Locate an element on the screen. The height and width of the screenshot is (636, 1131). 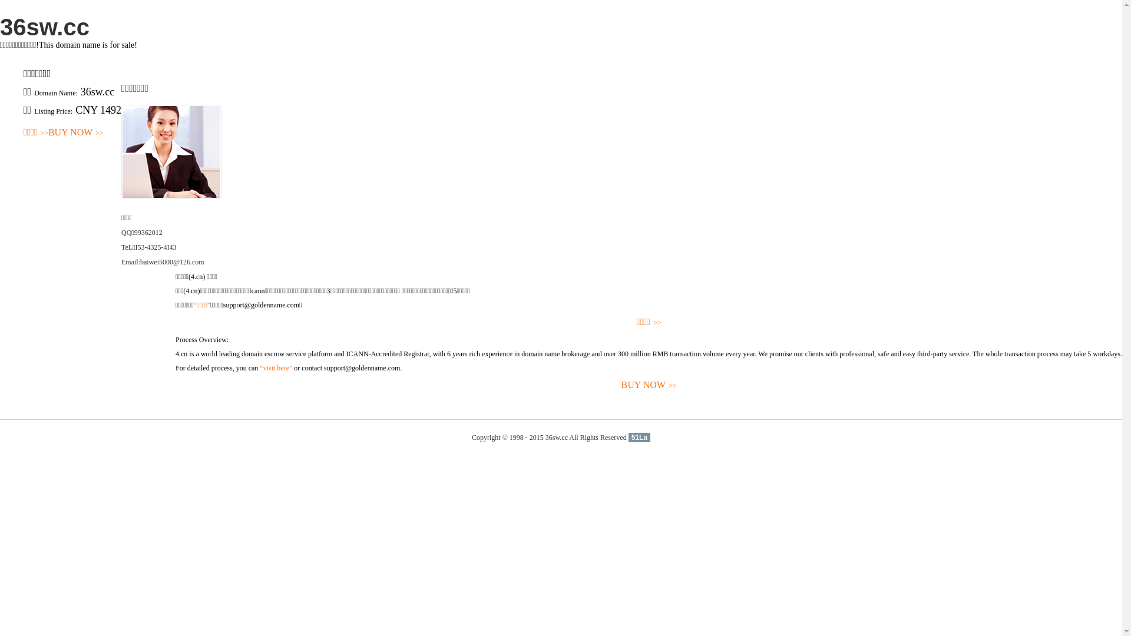
'BUY NOW>>' is located at coordinates (75, 132).